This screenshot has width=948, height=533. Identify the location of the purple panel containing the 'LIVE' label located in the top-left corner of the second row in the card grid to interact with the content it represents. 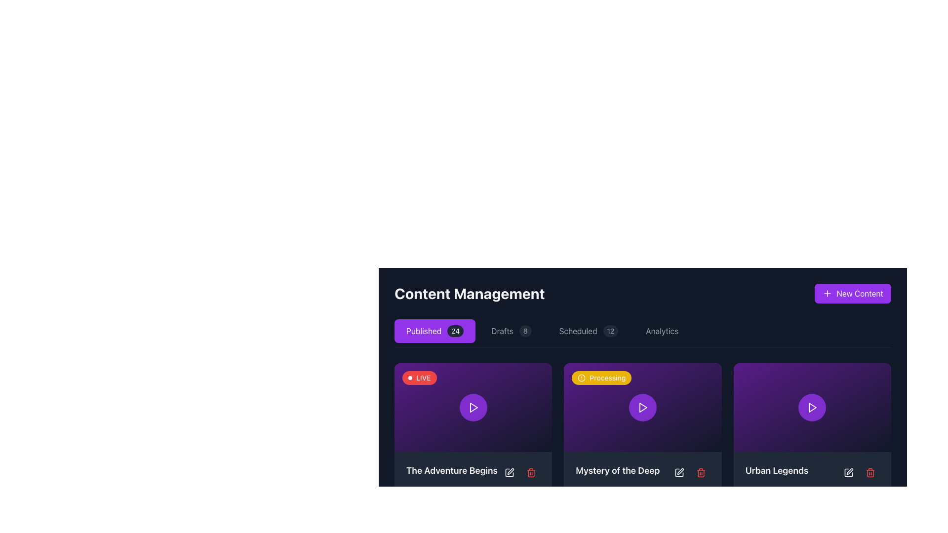
(419, 378).